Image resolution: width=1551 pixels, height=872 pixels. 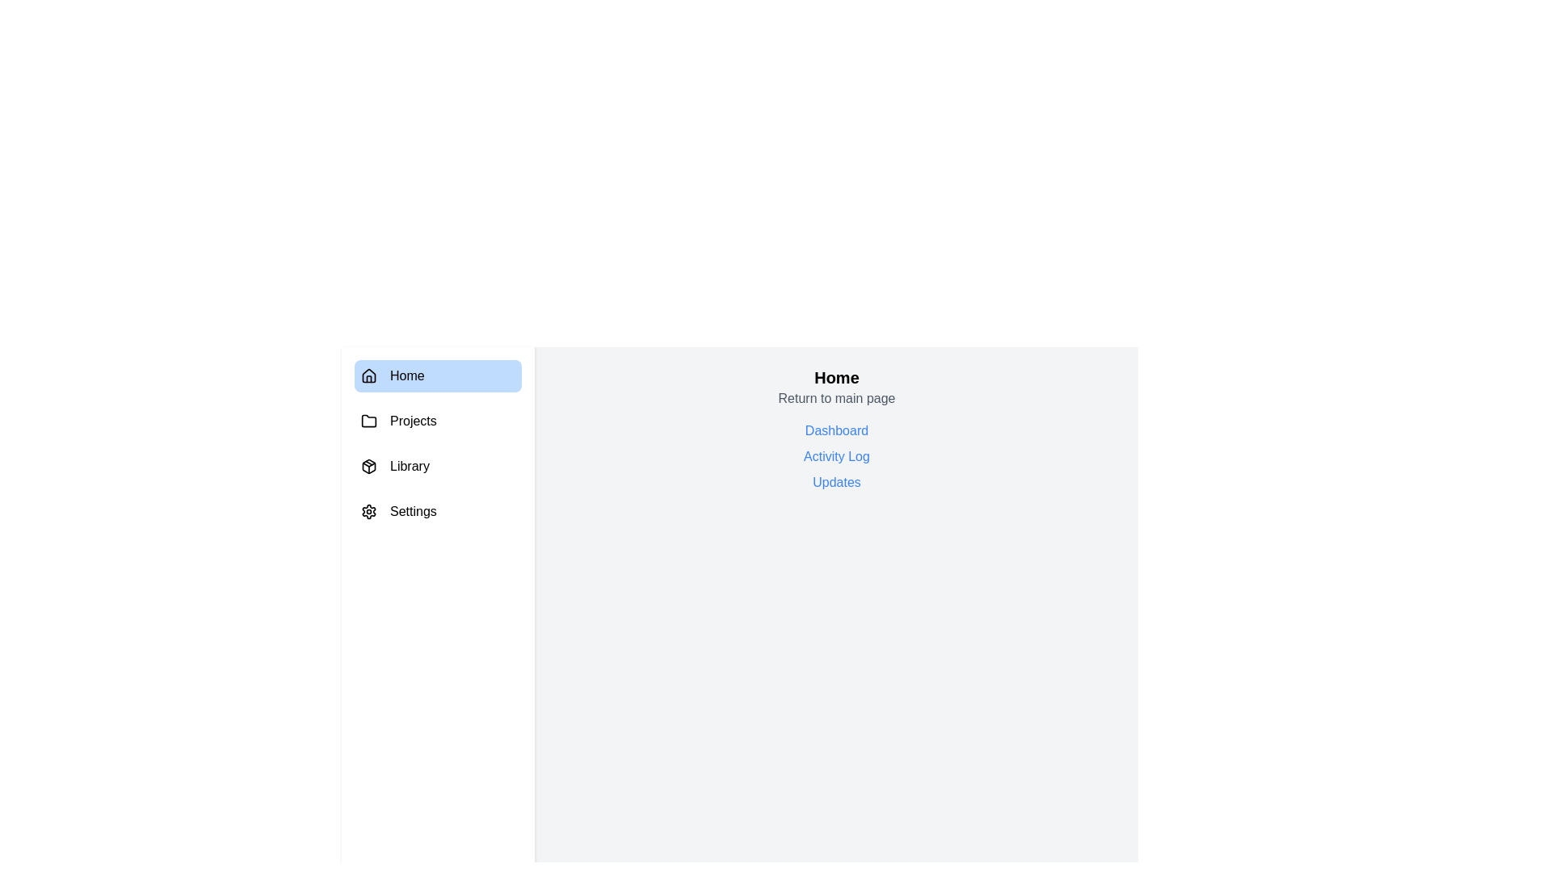 What do you see at coordinates (413, 420) in the screenshot?
I see `the 'Projects' text label in the left sidebar, which is positioned below the 'Home' section and to the right of a folder icon` at bounding box center [413, 420].